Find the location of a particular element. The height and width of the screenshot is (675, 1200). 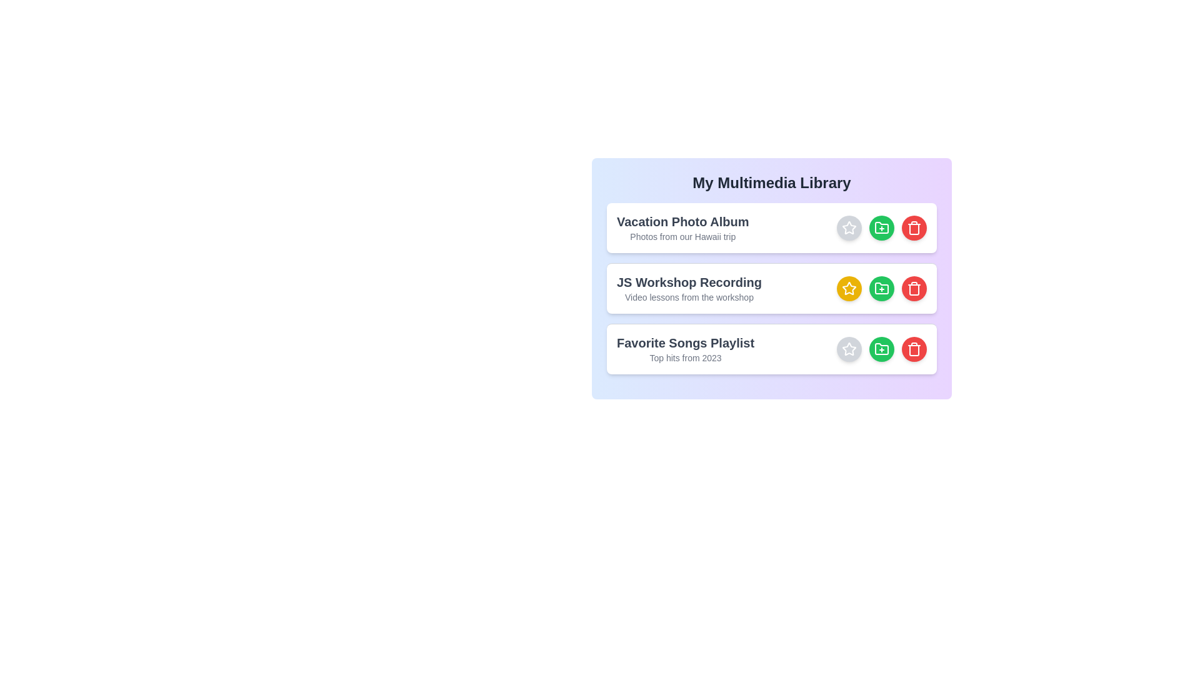

information displayed in the text block titled 'JS Workshop Recording', which is centrally placed within the second card of the 'My Multimedia Library' section is located at coordinates (689, 289).